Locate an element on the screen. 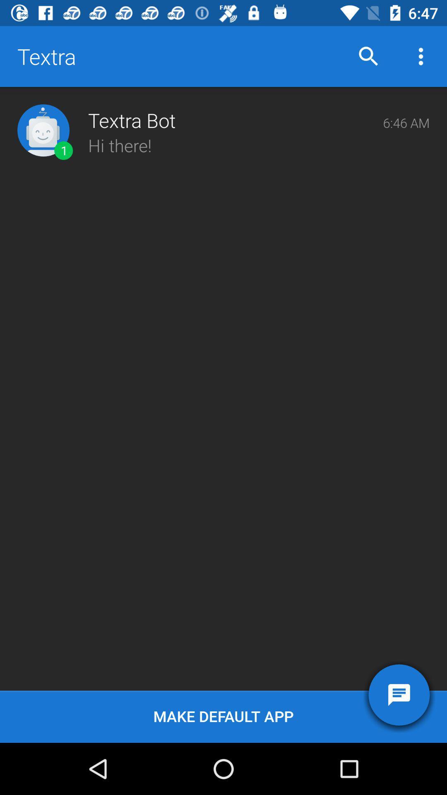 This screenshot has height=795, width=447. make default app item is located at coordinates (223, 716).